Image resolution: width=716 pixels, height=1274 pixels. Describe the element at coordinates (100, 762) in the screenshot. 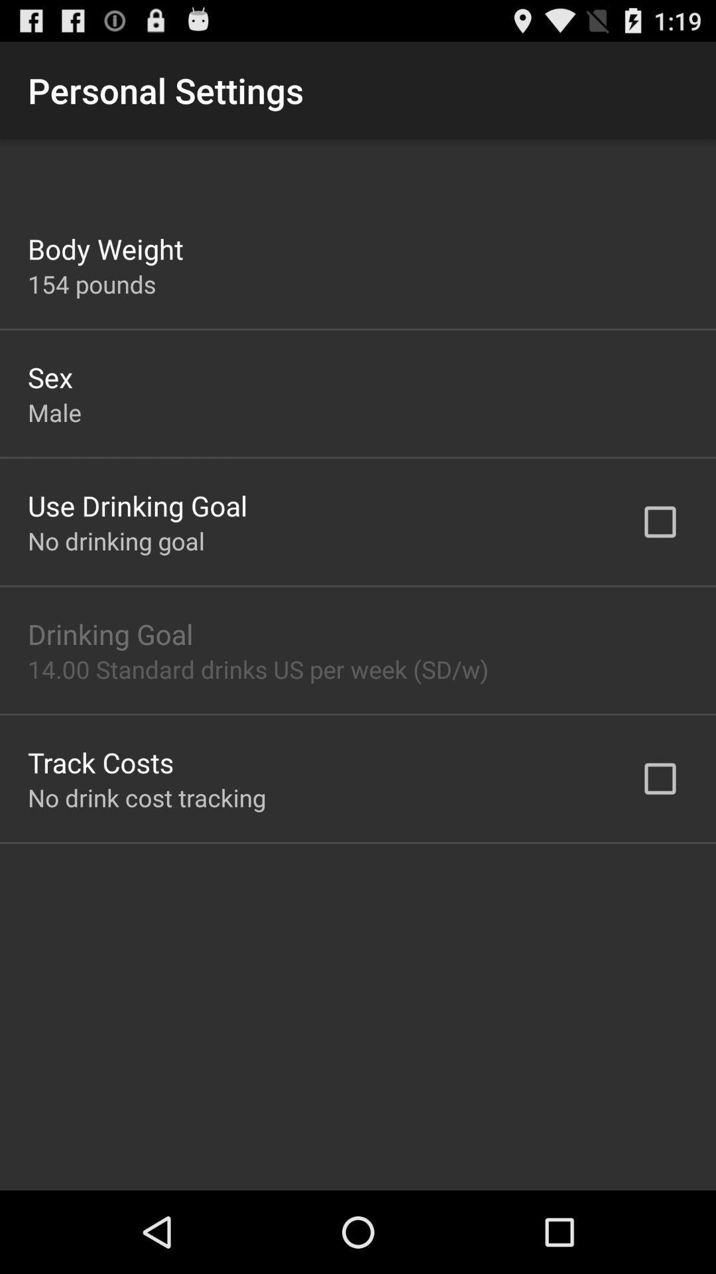

I see `item below the 14 00 standard item` at that location.